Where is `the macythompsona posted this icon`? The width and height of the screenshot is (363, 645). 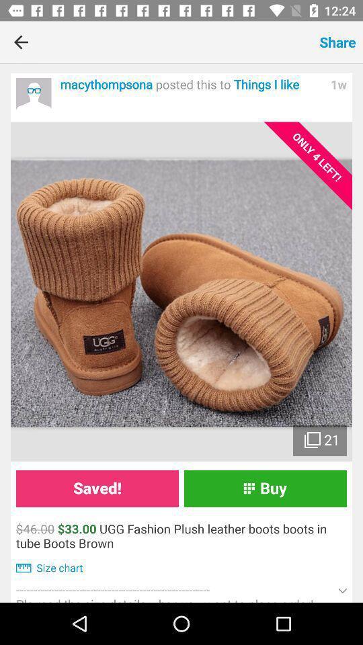 the macythompsona posted this icon is located at coordinates (191, 84).